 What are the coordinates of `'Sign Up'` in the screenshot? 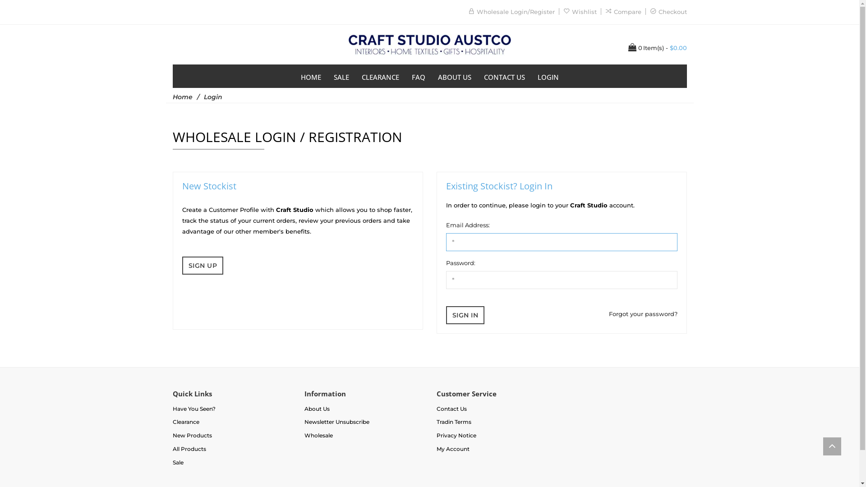 It's located at (203, 265).